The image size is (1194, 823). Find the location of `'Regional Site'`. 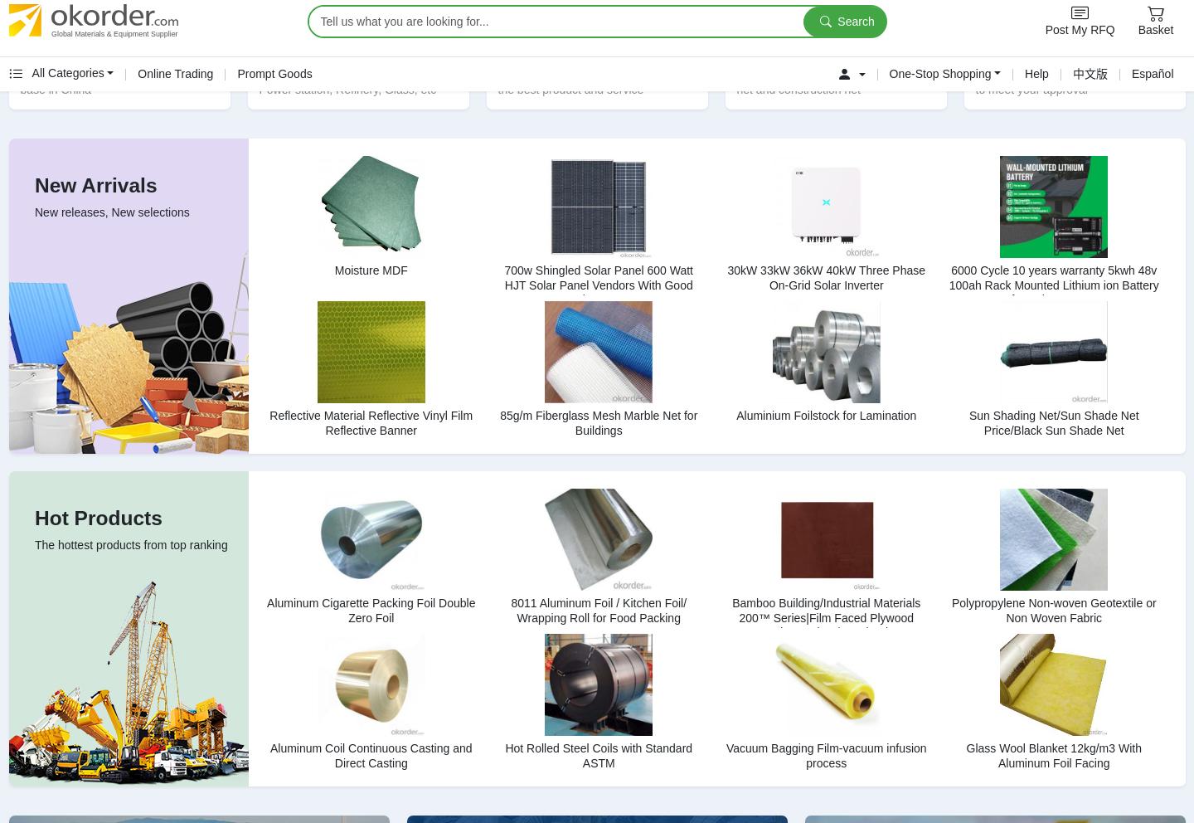

'Regional Site' is located at coordinates (852, 163).